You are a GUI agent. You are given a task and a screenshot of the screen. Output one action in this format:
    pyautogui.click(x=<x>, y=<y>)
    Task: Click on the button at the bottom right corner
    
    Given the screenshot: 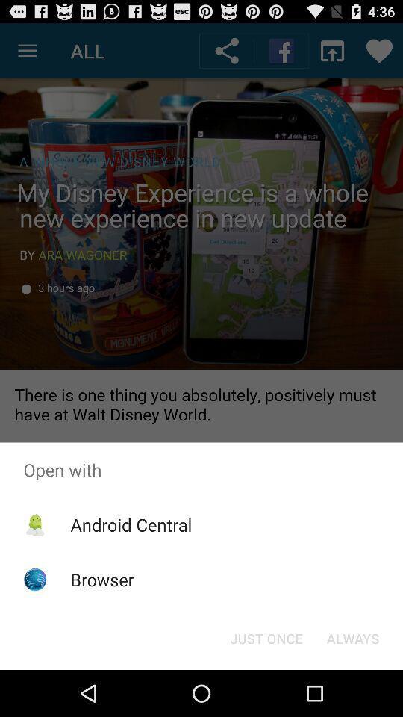 What is the action you would take?
    pyautogui.click(x=352, y=637)
    